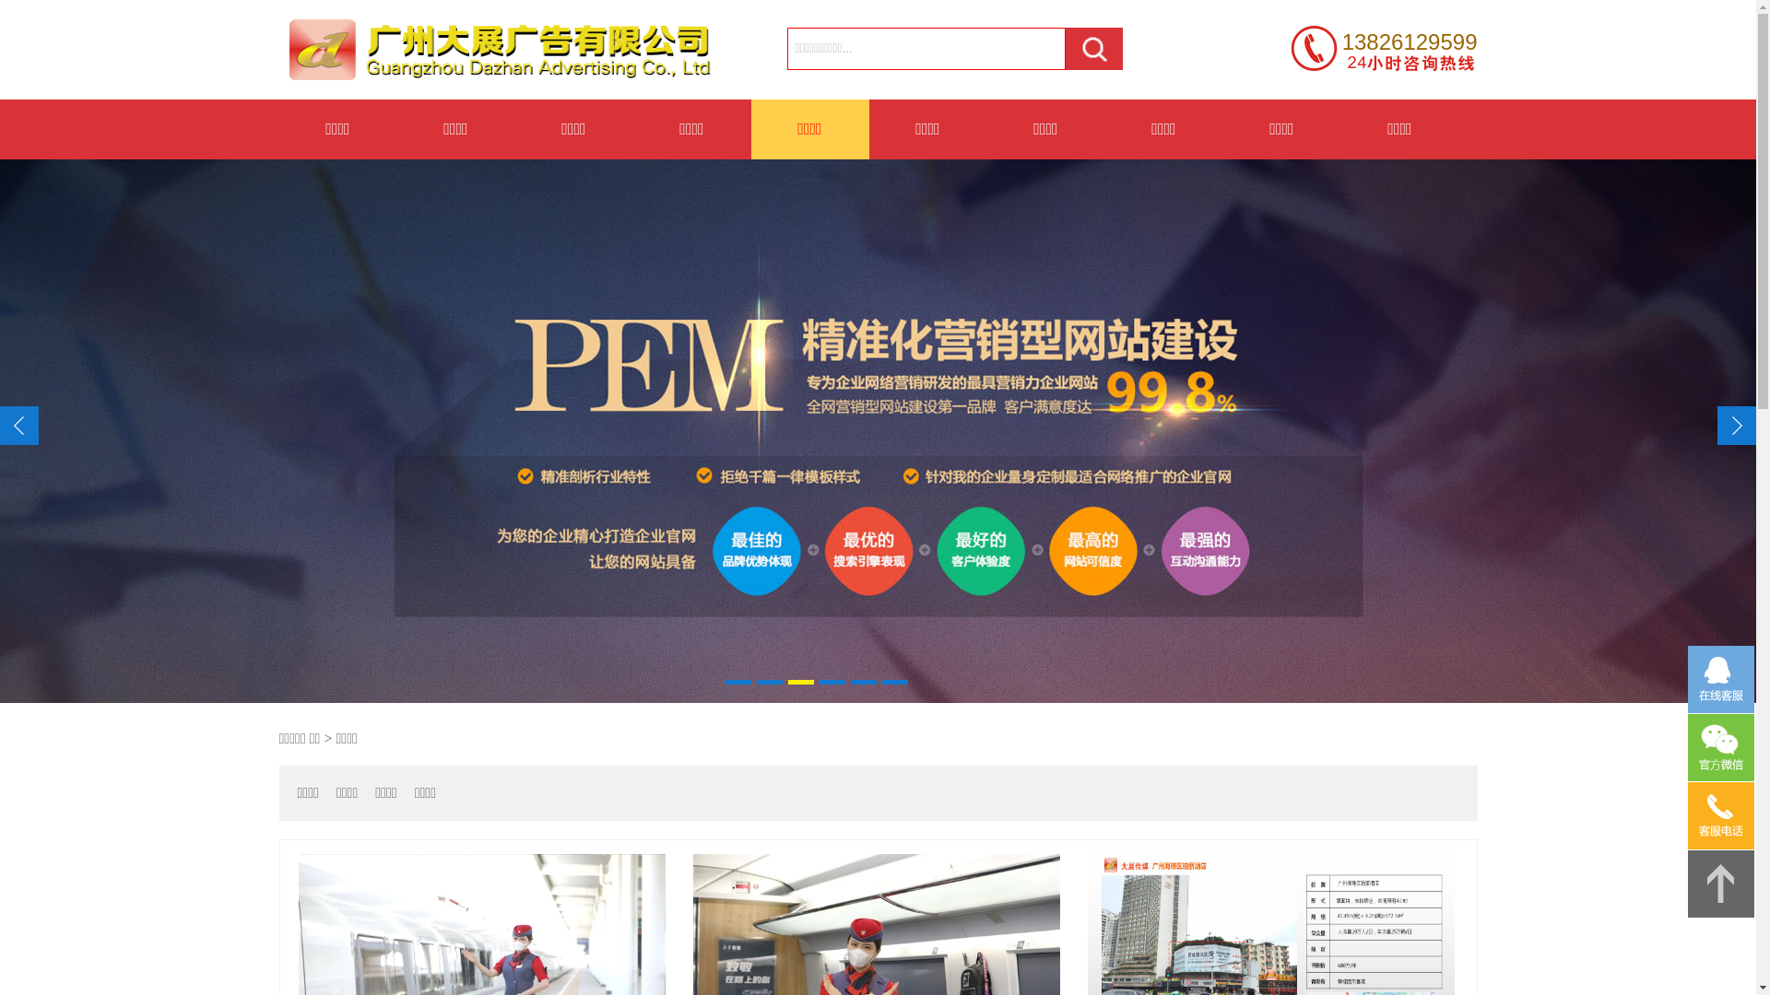 This screenshot has height=995, width=1770. Describe the element at coordinates (800, 682) in the screenshot. I see `'3'` at that location.